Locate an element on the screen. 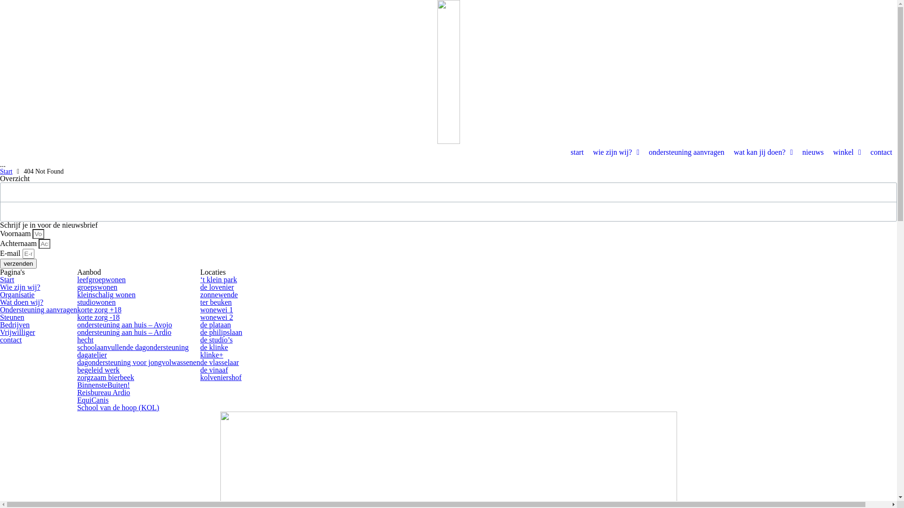 The image size is (904, 508). 'ondersteuning aanvragen' is located at coordinates (686, 152).